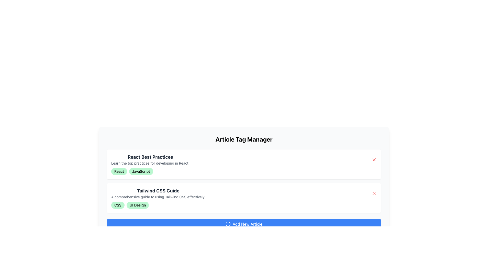  Describe the element at coordinates (374, 193) in the screenshot. I see `the delete icon located at the far right of the second row, adjacent to the article metadata and tags for the 'Tailwind CSS Guide' entry` at that location.